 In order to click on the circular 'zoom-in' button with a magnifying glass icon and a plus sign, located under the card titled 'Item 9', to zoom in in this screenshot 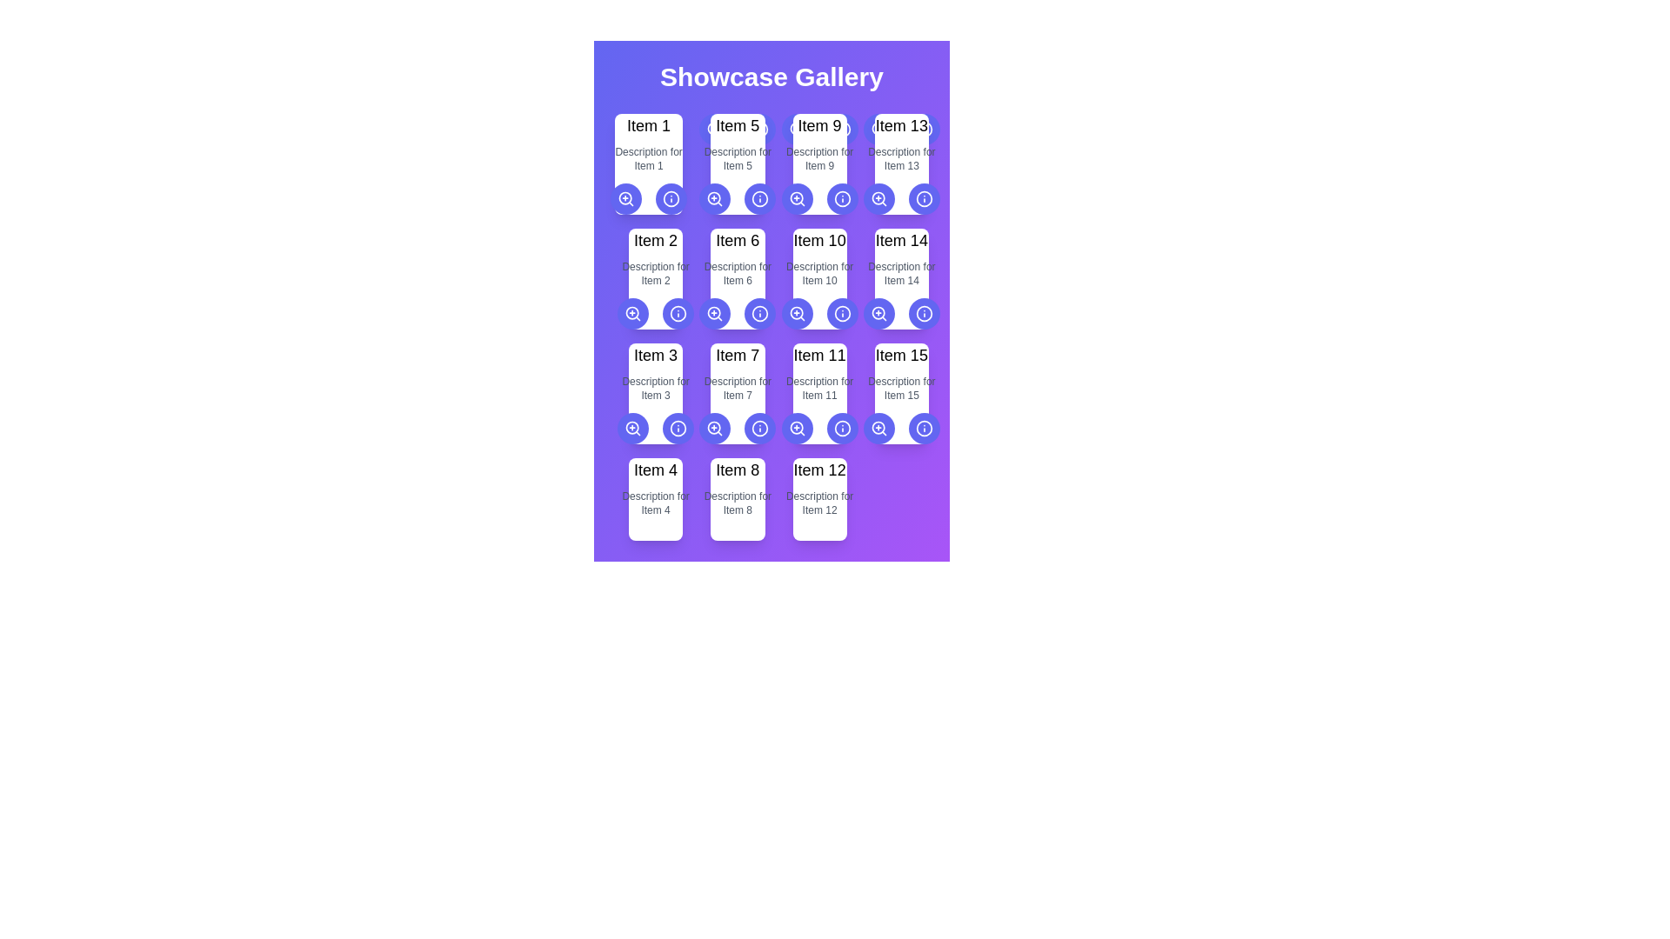, I will do `click(796, 129)`.